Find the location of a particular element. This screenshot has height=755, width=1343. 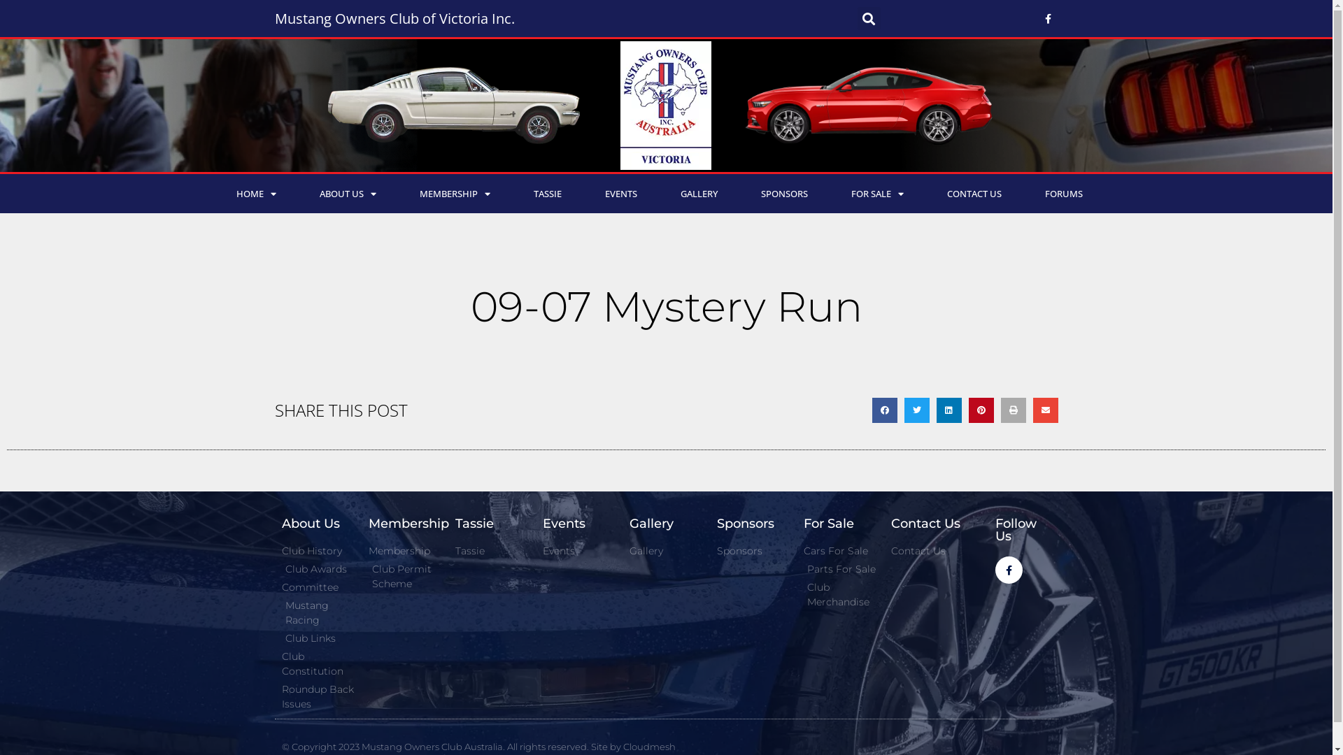

'EVENTS' is located at coordinates (583, 194).